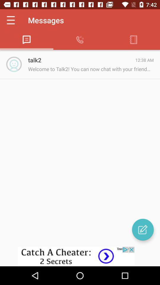  What do you see at coordinates (80, 256) in the screenshot?
I see `the advertisement` at bounding box center [80, 256].